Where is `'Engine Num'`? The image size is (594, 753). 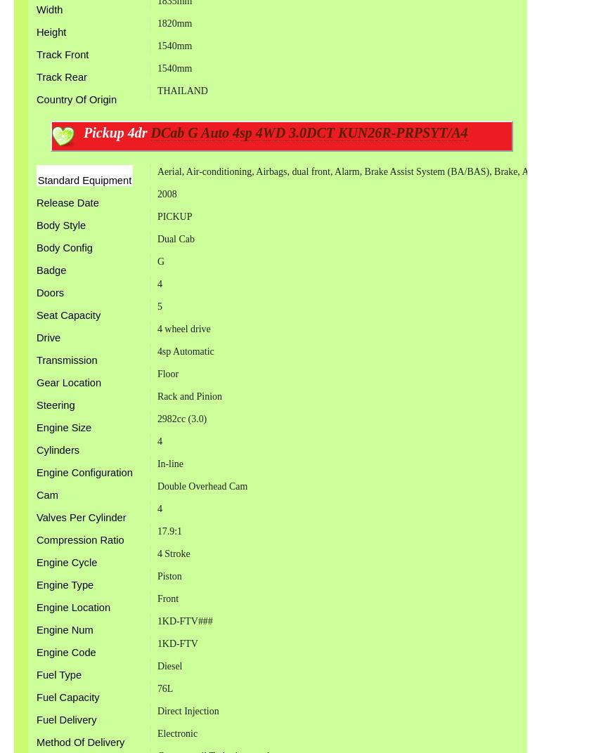 'Engine Num' is located at coordinates (35, 629).